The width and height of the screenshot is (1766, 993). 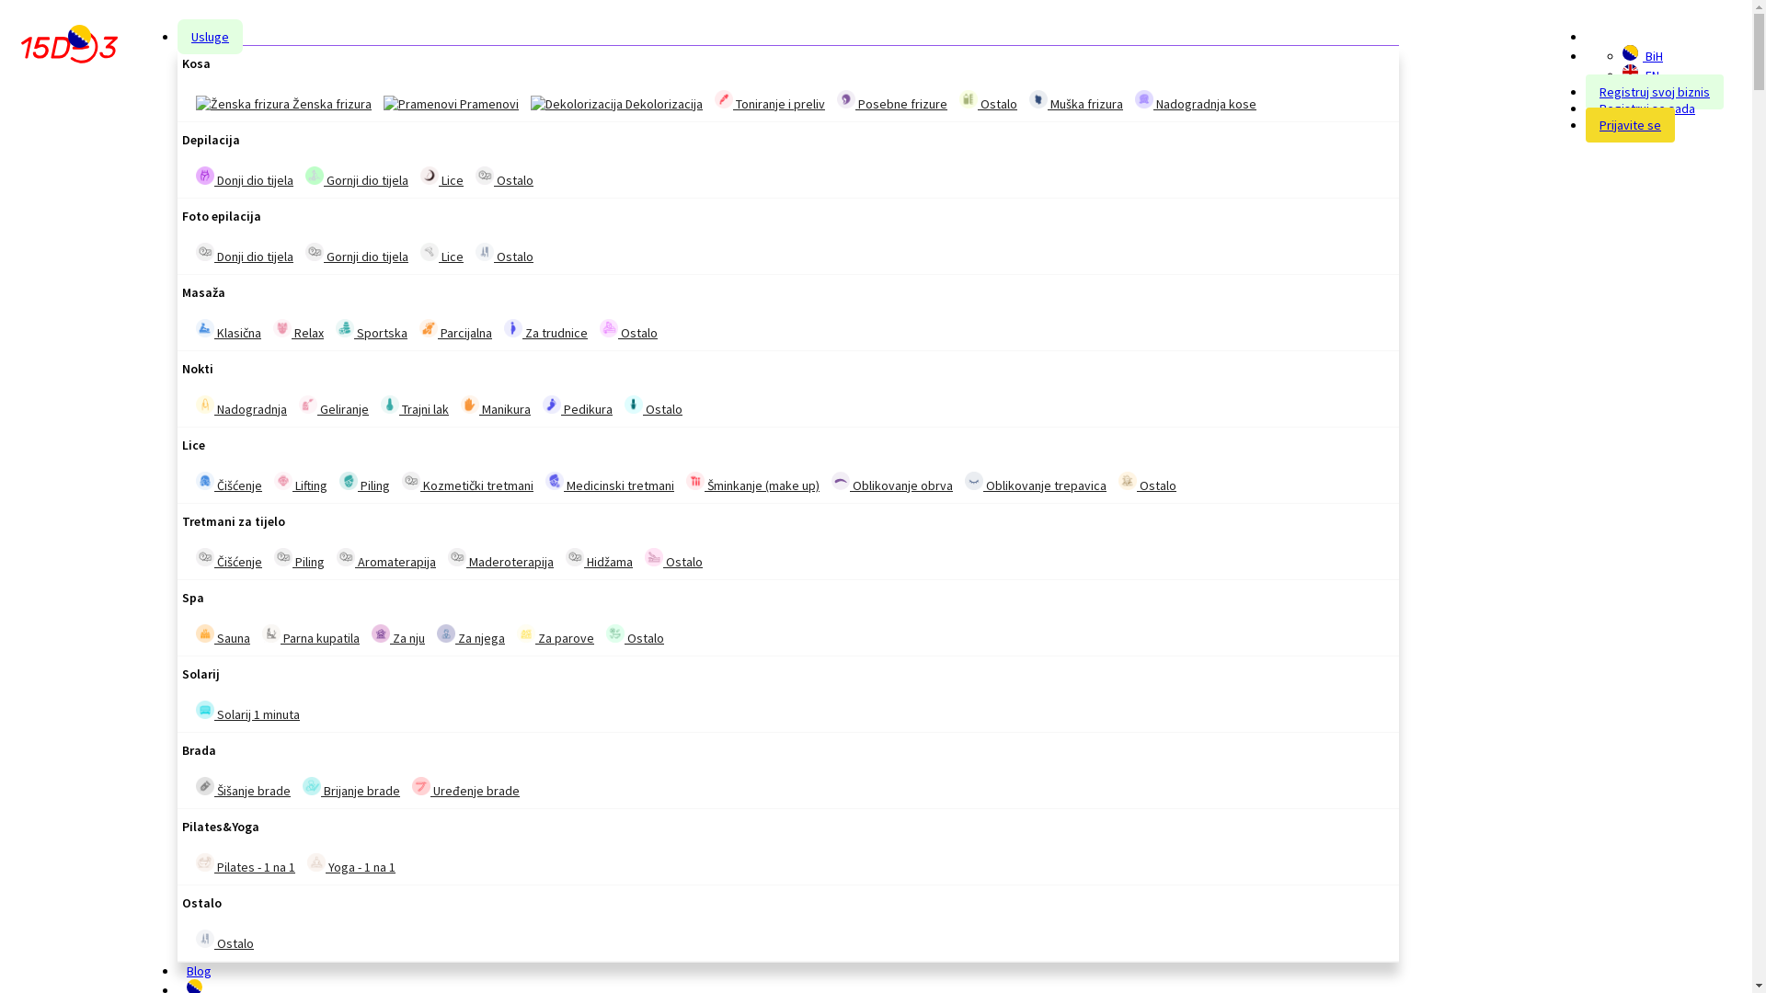 I want to click on 'Za nju', so click(x=379, y=633).